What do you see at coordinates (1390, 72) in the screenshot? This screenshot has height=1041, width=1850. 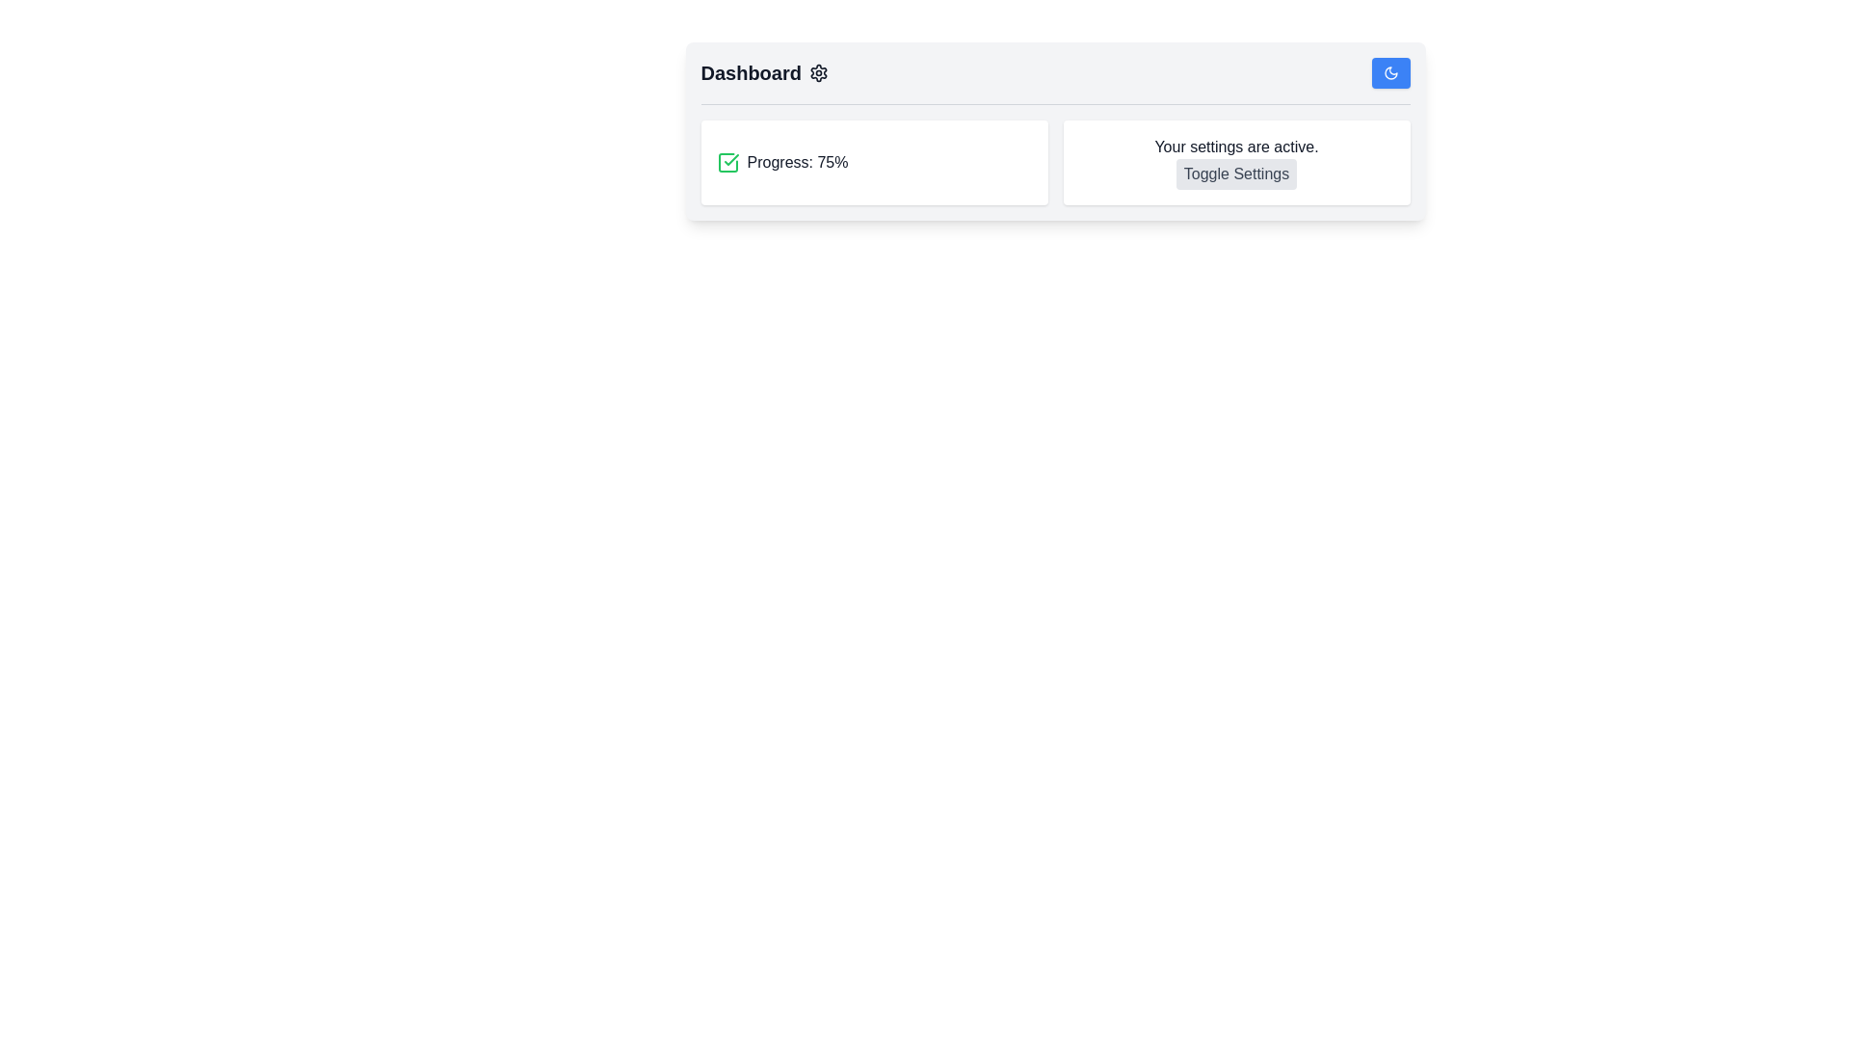 I see `the toggle button for theme switching, located at the top-right corner of the header, next to the 'Dashboard' text and settings icon` at bounding box center [1390, 72].